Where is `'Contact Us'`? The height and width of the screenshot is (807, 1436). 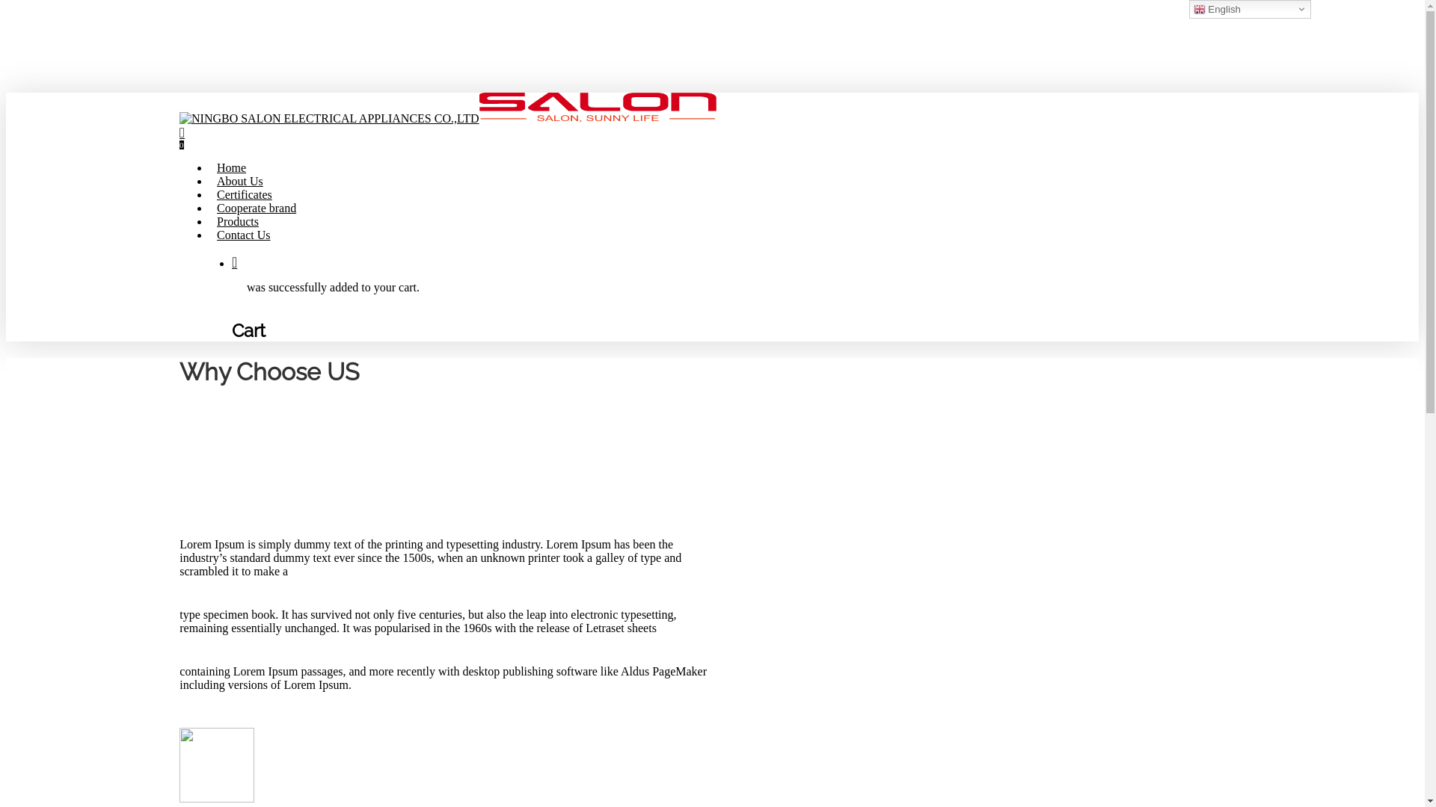 'Contact Us' is located at coordinates (244, 235).